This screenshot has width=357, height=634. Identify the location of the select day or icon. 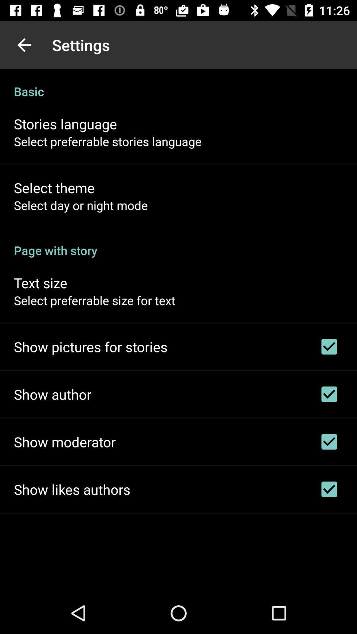
(80, 205).